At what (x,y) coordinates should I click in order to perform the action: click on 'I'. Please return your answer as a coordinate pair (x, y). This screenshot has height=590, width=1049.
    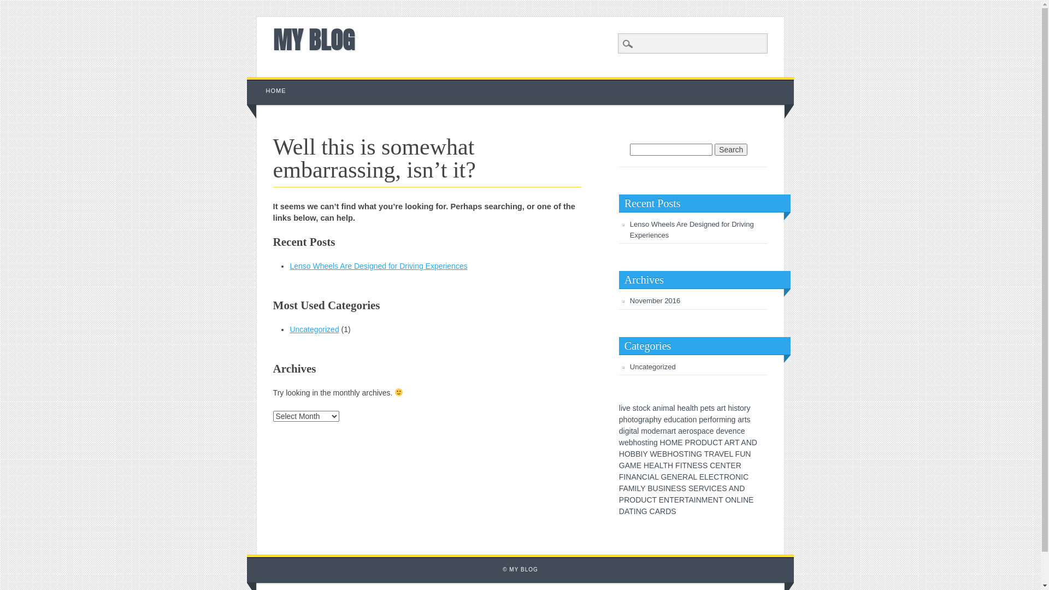
    Looking at the image, I should click on (663, 488).